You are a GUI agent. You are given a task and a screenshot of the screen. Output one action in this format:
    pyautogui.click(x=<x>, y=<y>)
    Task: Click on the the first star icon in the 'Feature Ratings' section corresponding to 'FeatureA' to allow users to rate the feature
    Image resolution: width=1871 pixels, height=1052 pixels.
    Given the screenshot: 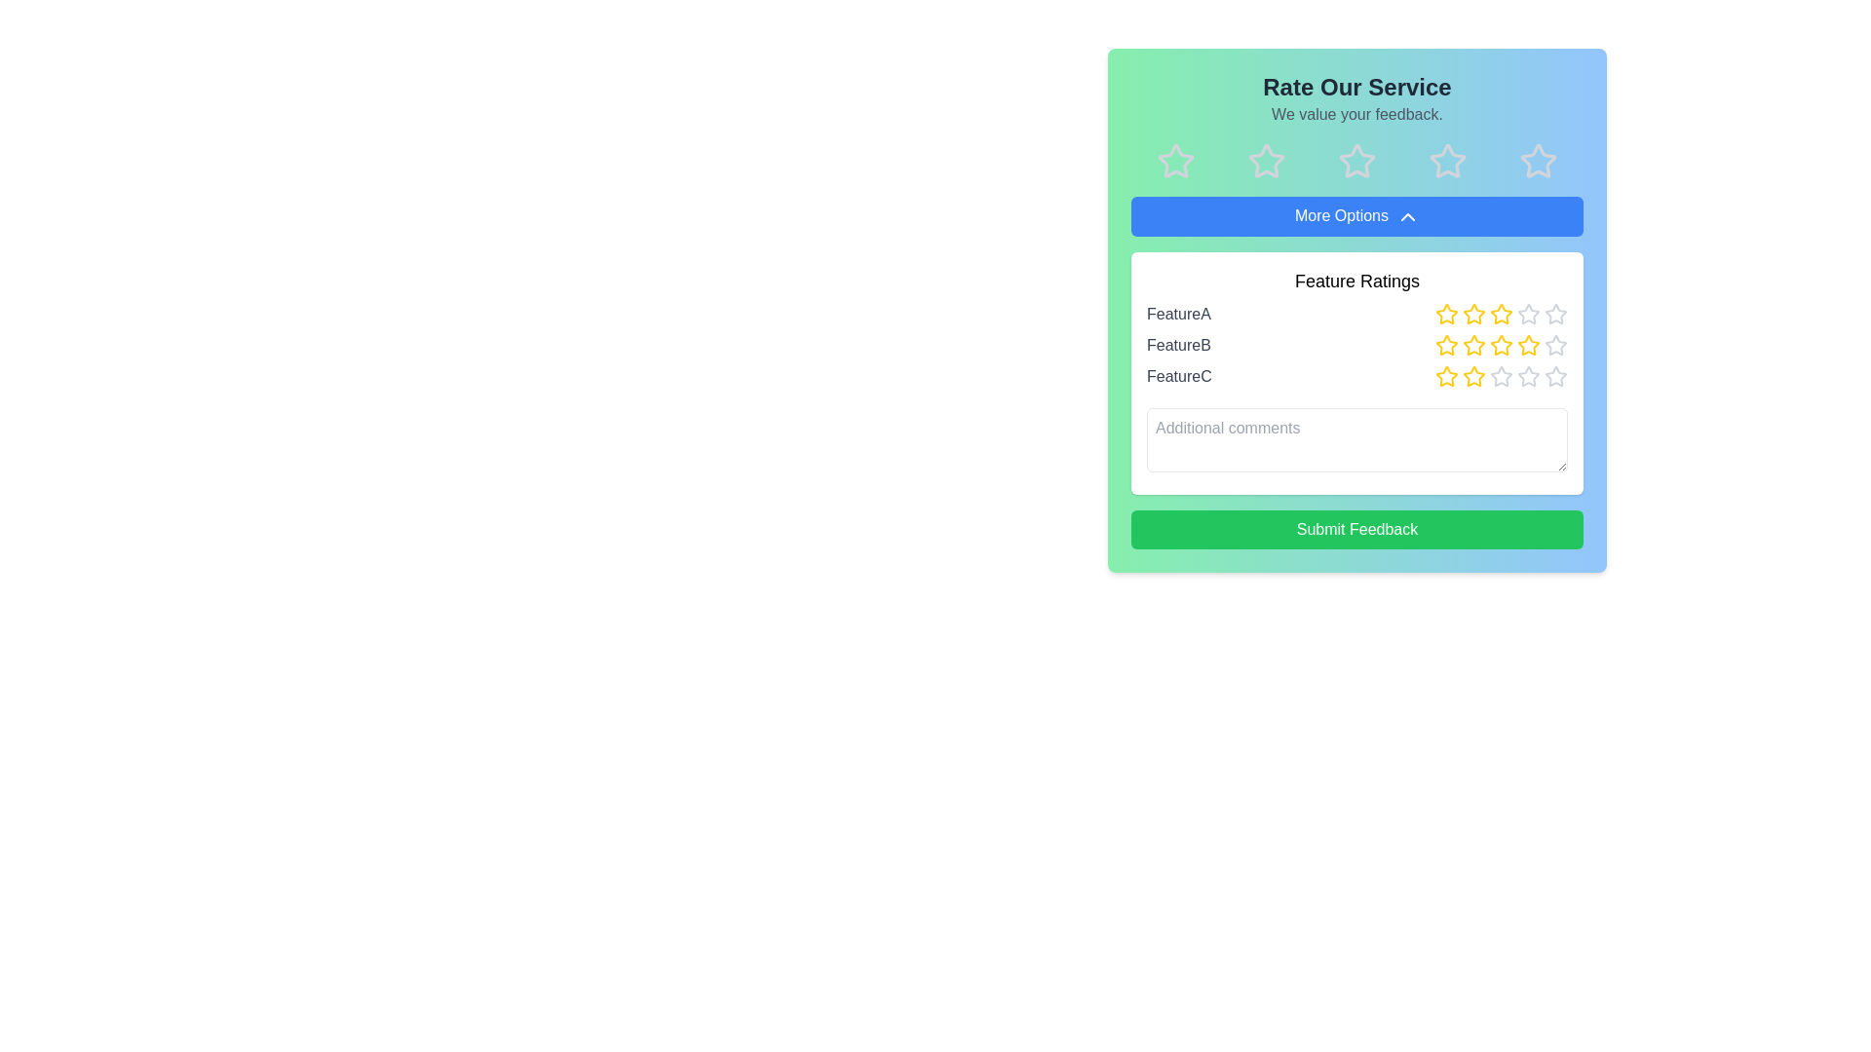 What is the action you would take?
    pyautogui.click(x=1446, y=313)
    